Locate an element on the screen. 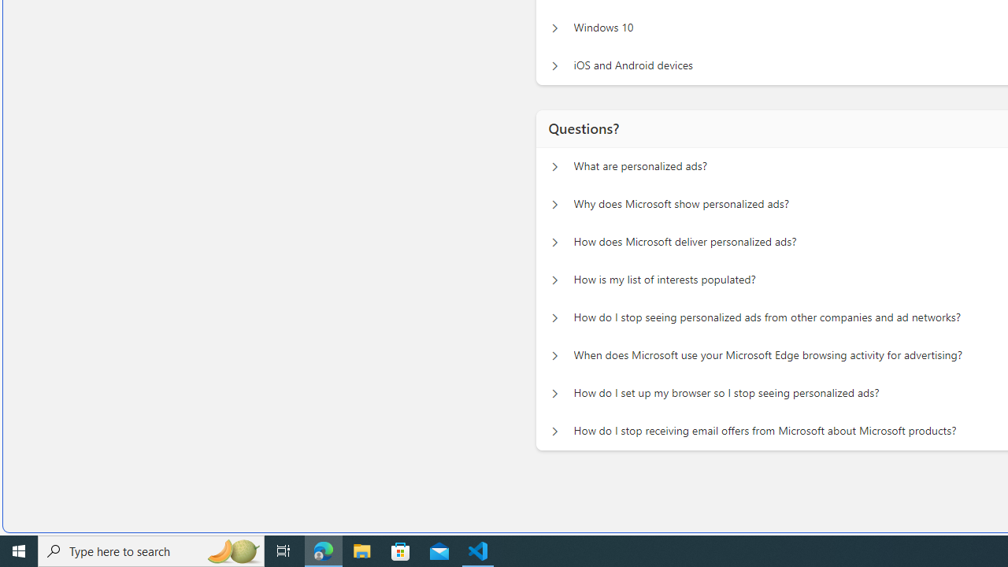  'Questions? Why does Microsoft show personalized ads?' is located at coordinates (554, 200).